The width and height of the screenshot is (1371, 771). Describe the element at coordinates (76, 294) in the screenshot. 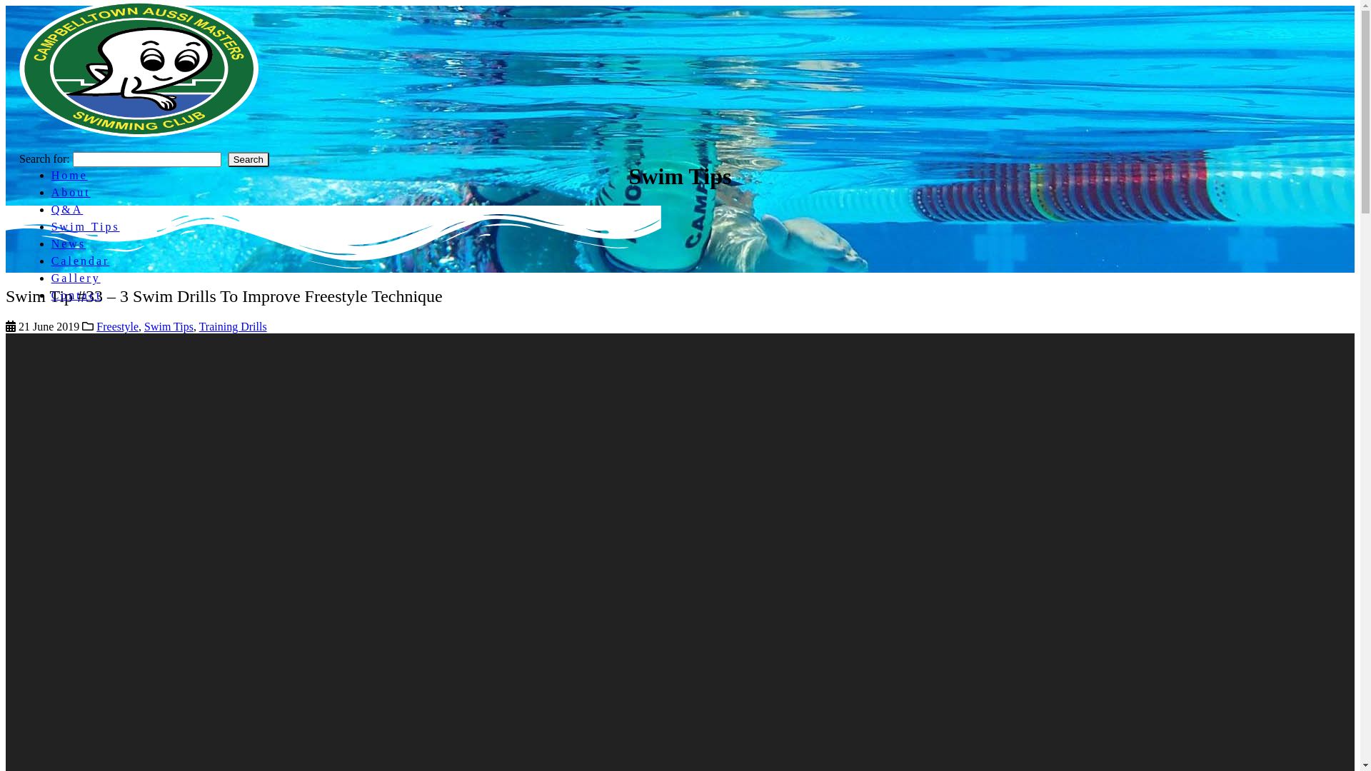

I see `'Contact'` at that location.